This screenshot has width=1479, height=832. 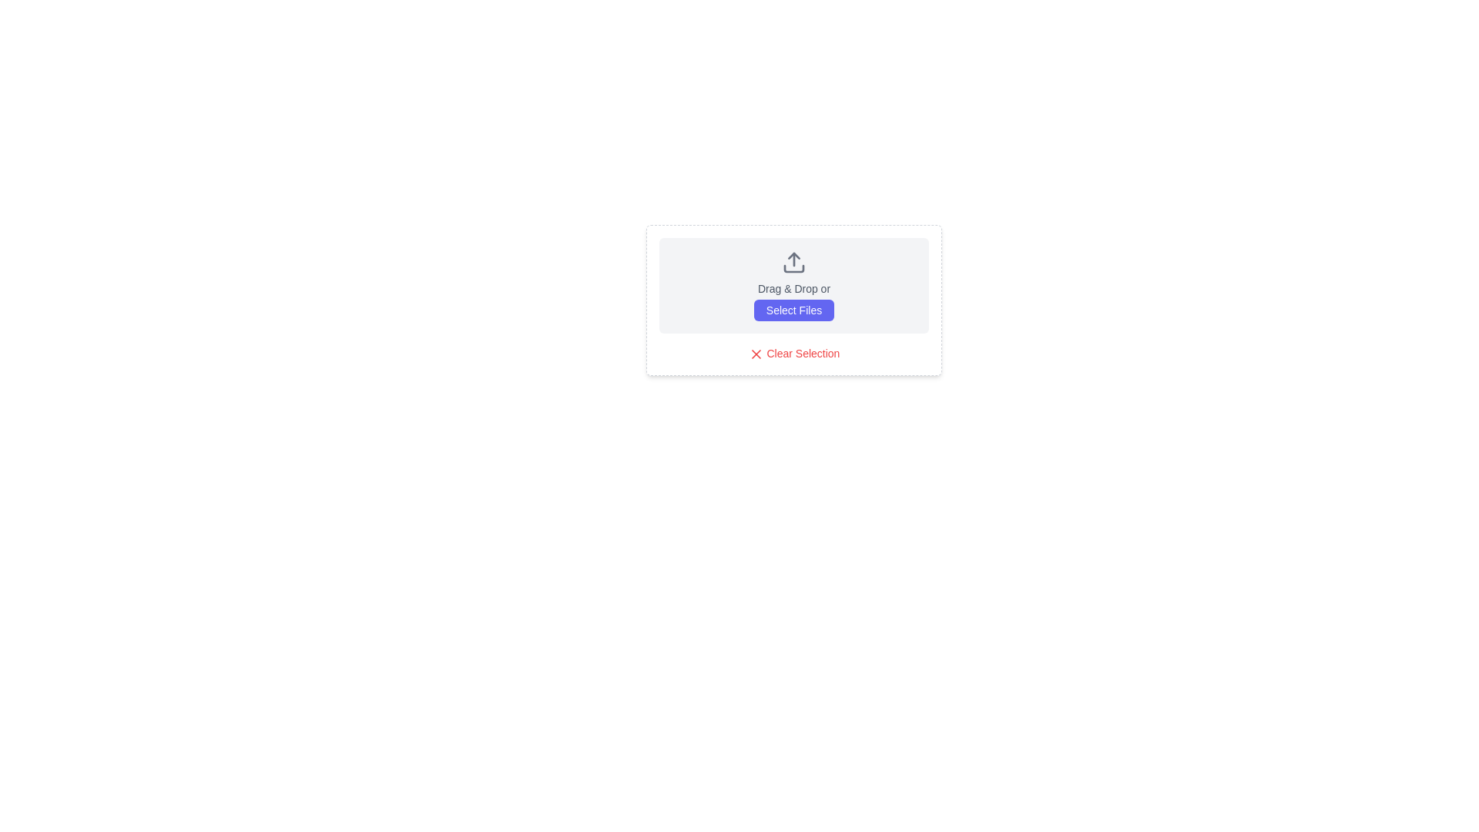 What do you see at coordinates (794, 288) in the screenshot?
I see `the text block displaying 'Drag & Drop or', which is styled in a small gray font and centered above the 'Select Files' button` at bounding box center [794, 288].